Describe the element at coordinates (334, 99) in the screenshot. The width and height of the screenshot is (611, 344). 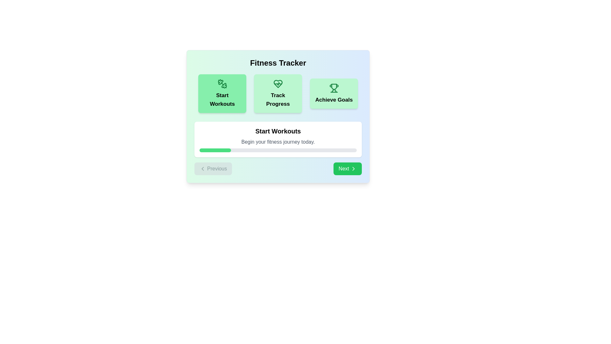
I see `the 'Achieve Goals' text label, which is prominently displayed in bold, large text with a green background within the third option card` at that location.